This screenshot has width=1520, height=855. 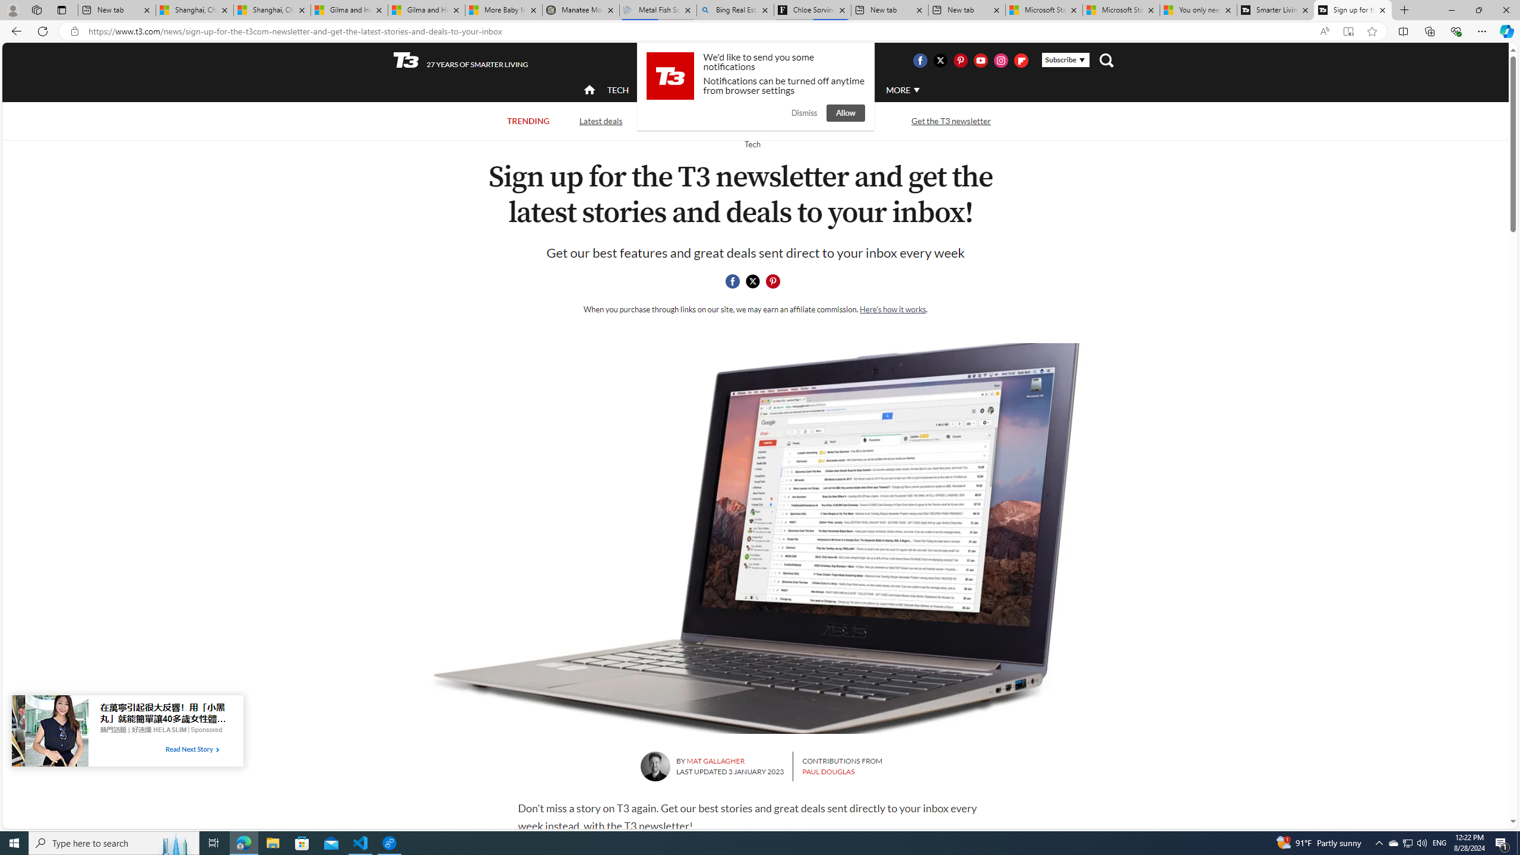 What do you see at coordinates (980, 59) in the screenshot?
I see `'Visit us on Youtube'` at bounding box center [980, 59].